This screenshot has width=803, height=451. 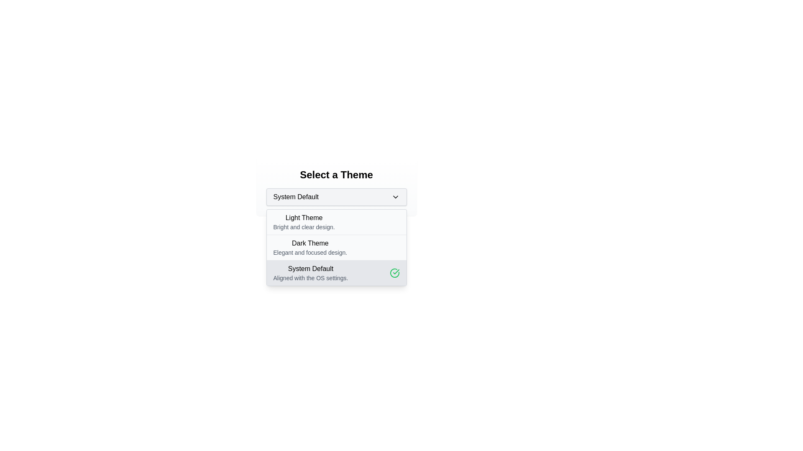 I want to click on the 'Dark Theme' option in the dropdown menu positioned below the 'Select a Theme' header, so click(x=336, y=247).